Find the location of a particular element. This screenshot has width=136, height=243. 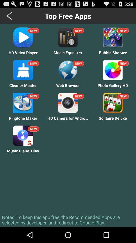

the text which is present at the top right corner of the first image in the first row is located at coordinates (33, 30).